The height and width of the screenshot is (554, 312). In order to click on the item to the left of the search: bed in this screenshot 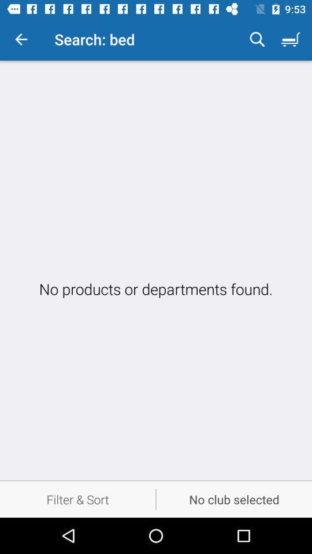, I will do `click(21, 39)`.